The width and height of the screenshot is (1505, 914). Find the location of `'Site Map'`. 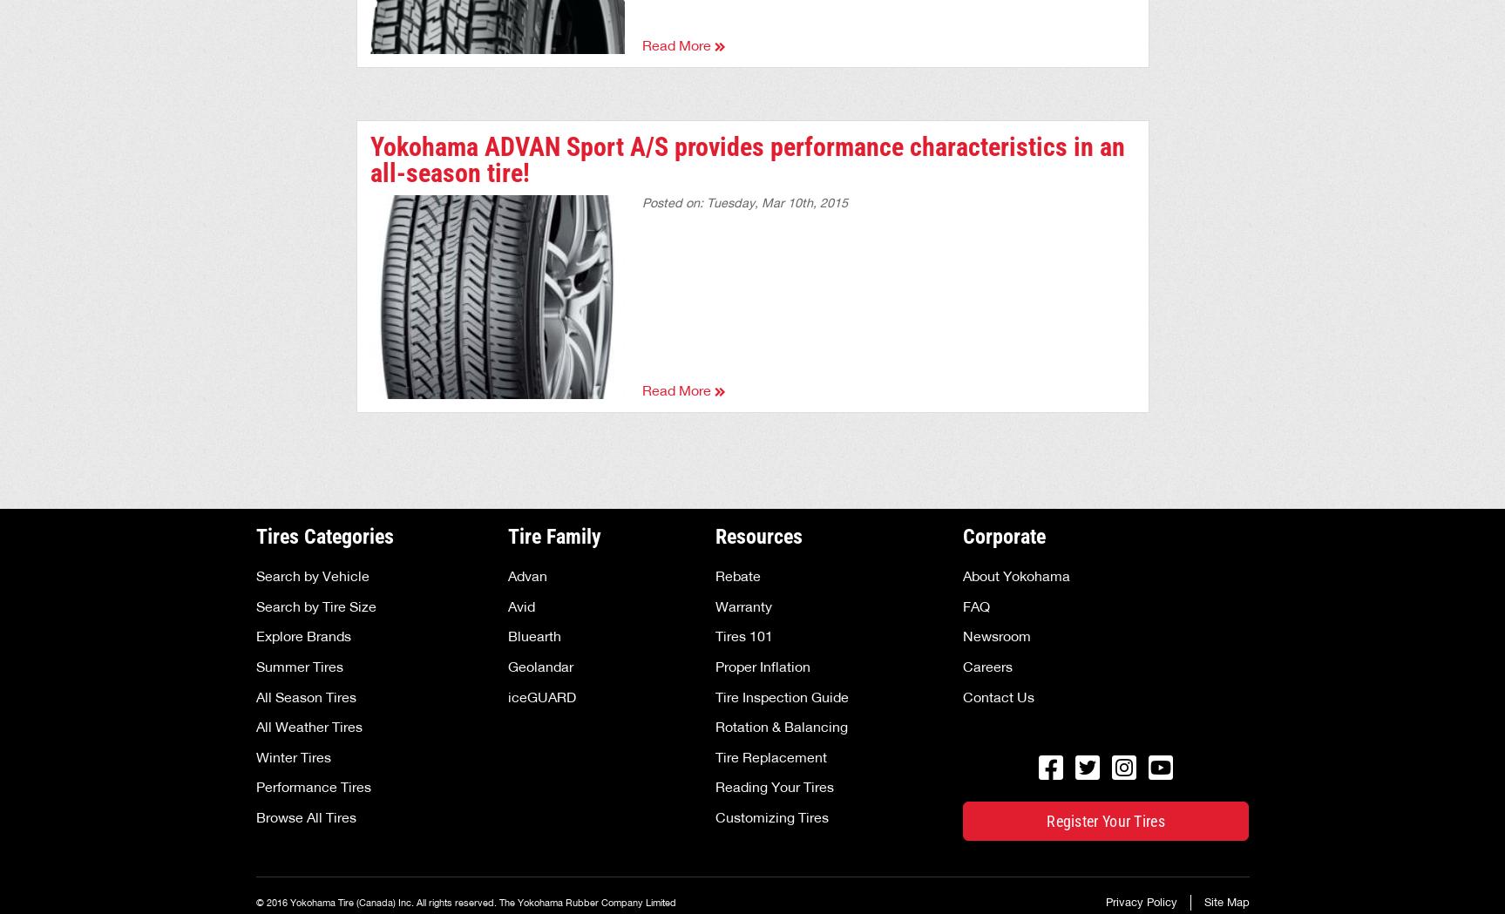

'Site Map' is located at coordinates (1225, 901).